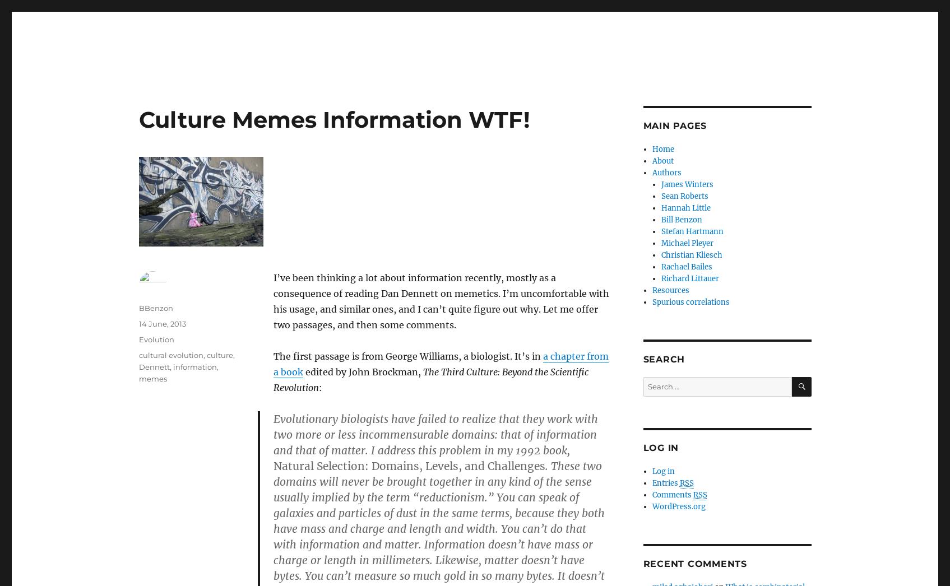 This screenshot has height=586, width=950. I want to click on 'Authors', so click(666, 173).